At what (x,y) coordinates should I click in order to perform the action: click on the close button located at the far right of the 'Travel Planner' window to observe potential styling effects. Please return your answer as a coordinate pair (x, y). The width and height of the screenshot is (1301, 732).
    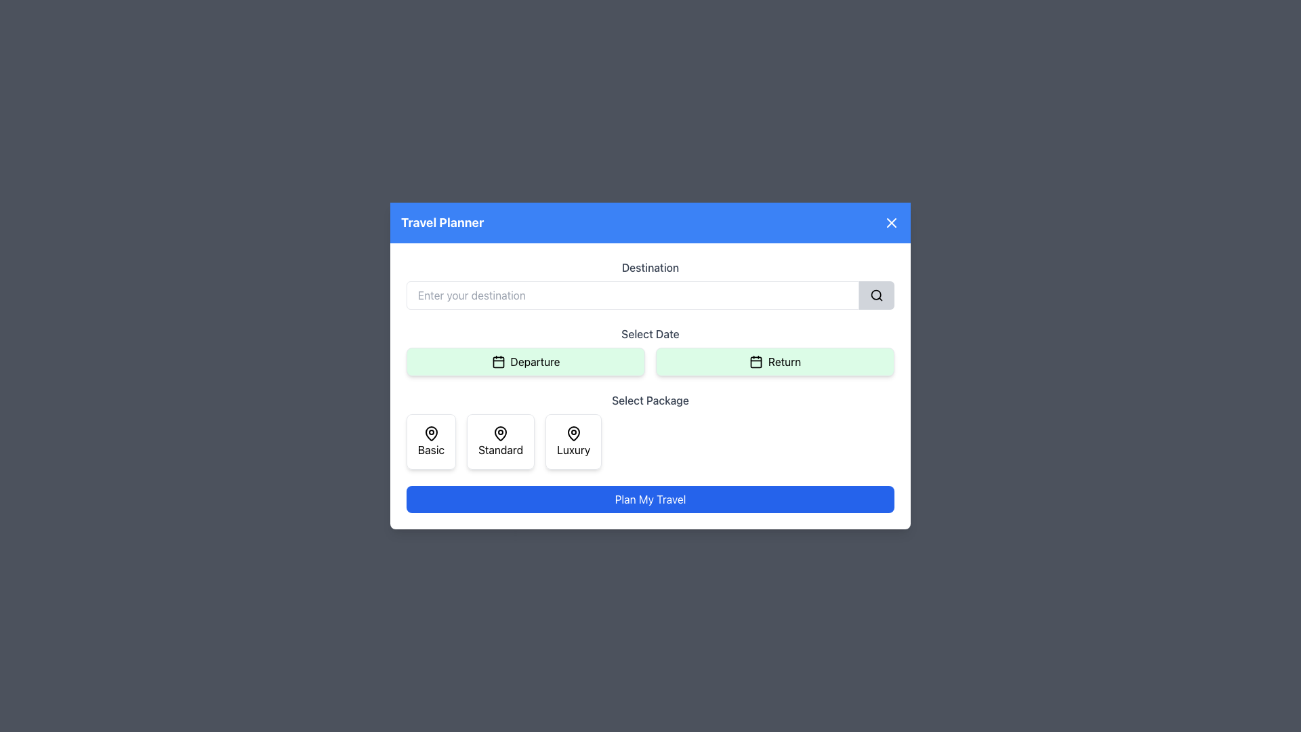
    Looking at the image, I should click on (891, 222).